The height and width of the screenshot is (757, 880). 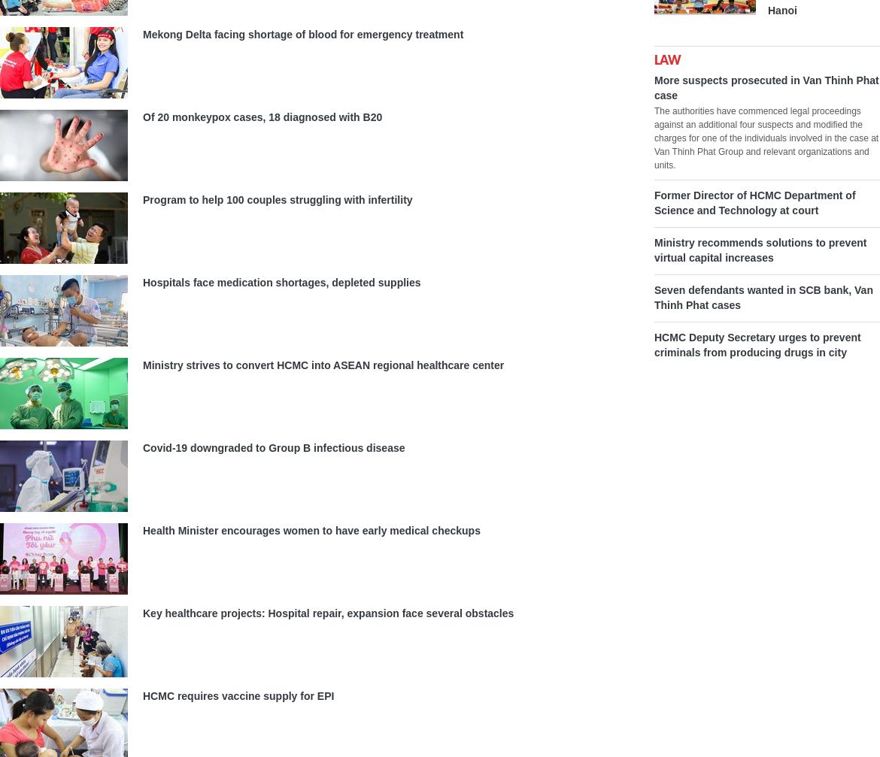 What do you see at coordinates (277, 199) in the screenshot?
I see `'Program to help 100 couples struggling with infertility'` at bounding box center [277, 199].